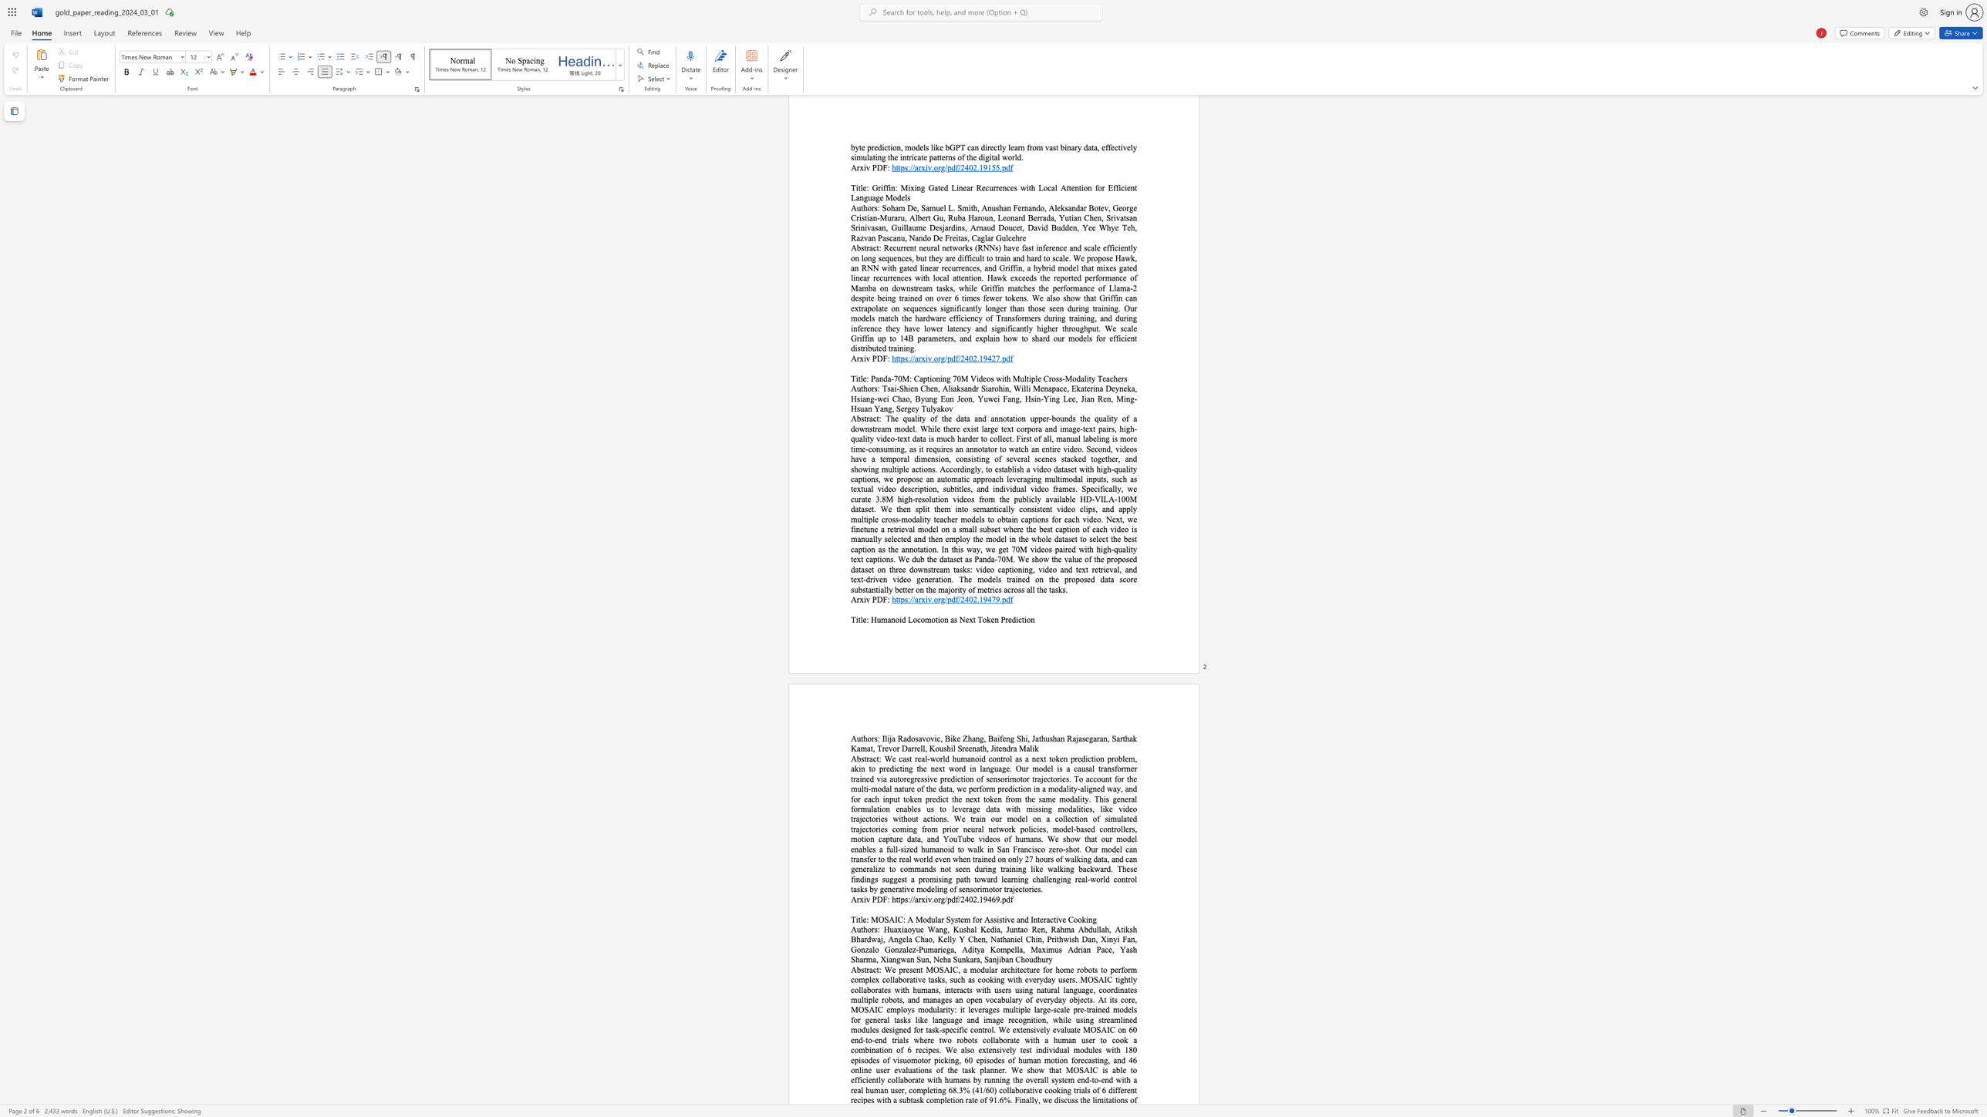 The height and width of the screenshot is (1117, 1987). Describe the element at coordinates (1023, 778) in the screenshot. I see `the subset text "or trajectories. To account for the multi-modal nature of the data, we perform prediction in a modality-aligned way, and for each input token predict the next token from the same modality. This general formulation enables us to leverage data with missing modalities, like video trajectories without actions. We train our model on a collection of simulated trajectories" within the text "We cast real-world humanoid control as a next token prediction problem, akin to predicting the next word in language. Our model is a causal transformer trained via autoregressive prediction of sensorimotor trajectories. To account for the multi-modal nature of the data, we perform prediction in a modality-aligned way, and for each input token predict the next token from the same modality. This general formulation enables us to leverage data with missing modalities, like video trajectories without actions. We train our model on a collection of simulated trajectories coming from prior neural network policies, model-based controllers, motion capture data, and YouTube videos of humans. We show that our model enables a full-sized humanoid to walk in San Francisco zero-shot. Our model can transfer to the real world even when trained on only 27 hours of walking data, and can generalize to commands not seen during training like walking backward. These findings suggest a promising path toward learning challenging real-world control tasks by generative modeling of sensorimotor trajectories."` at that location.